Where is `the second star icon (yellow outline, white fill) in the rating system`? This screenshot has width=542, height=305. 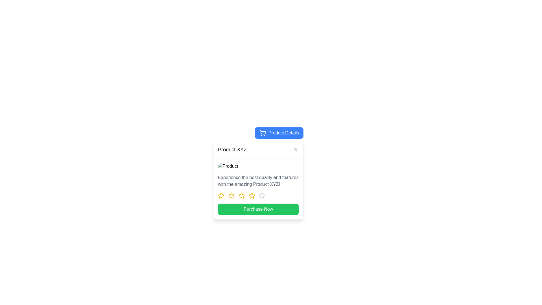 the second star icon (yellow outline, white fill) in the rating system is located at coordinates (231, 195).